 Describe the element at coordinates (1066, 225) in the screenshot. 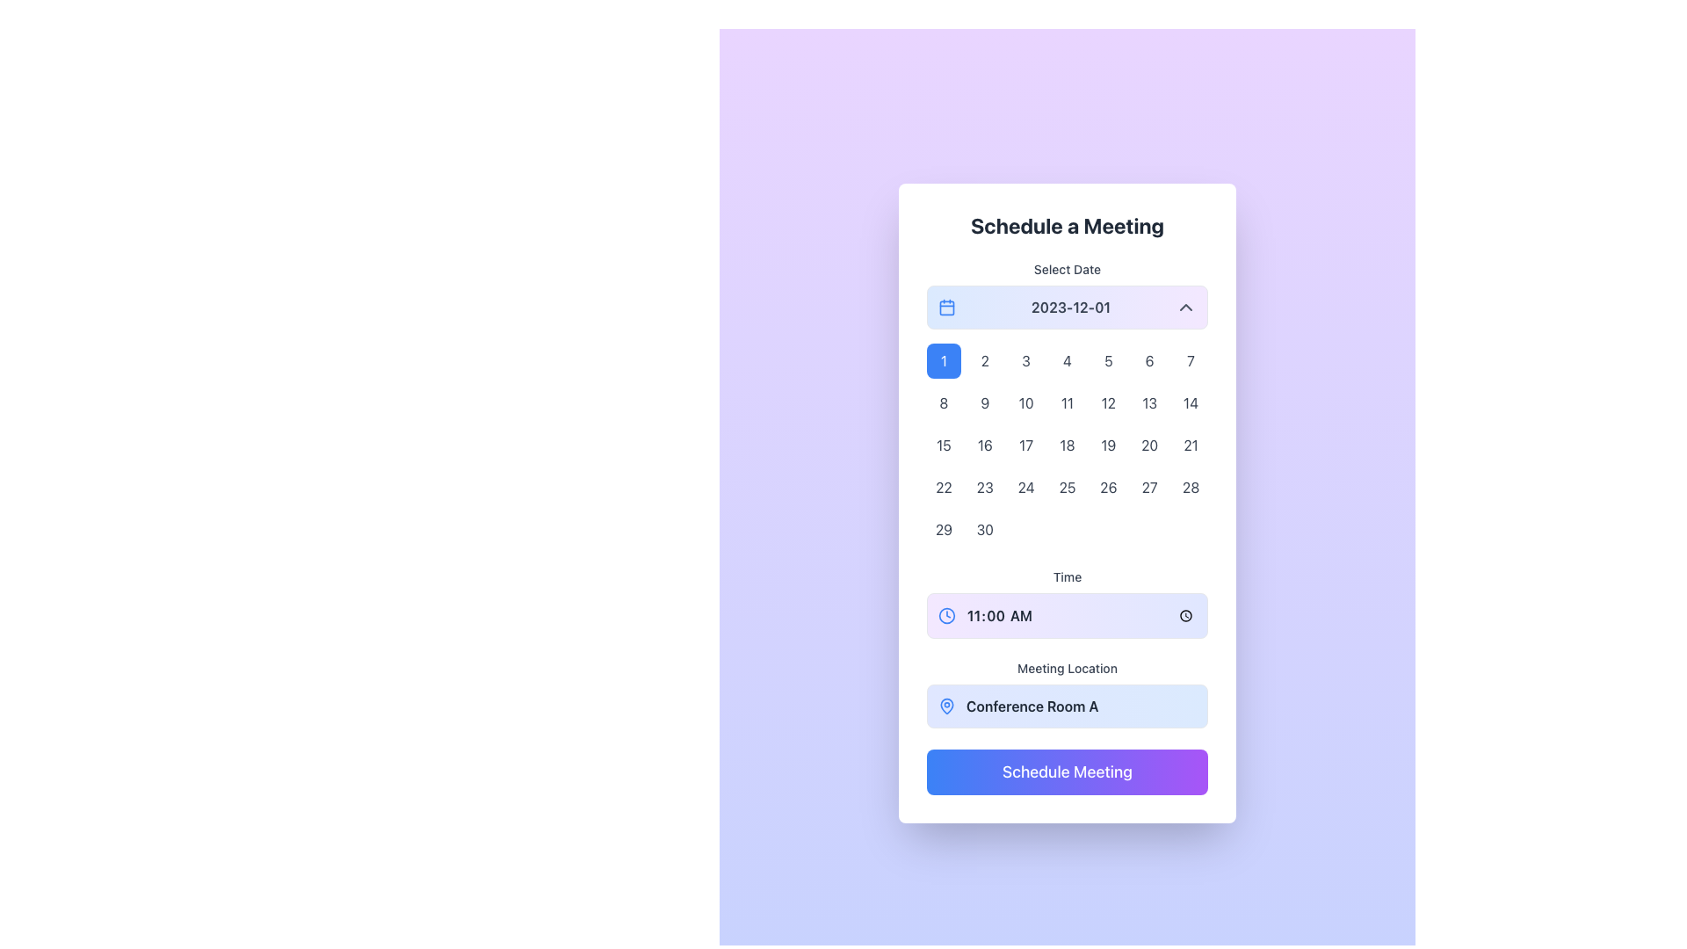

I see `the bold and large text label that reads 'Schedule a Meeting', which is center-aligned at the top of a card-like interface` at that location.